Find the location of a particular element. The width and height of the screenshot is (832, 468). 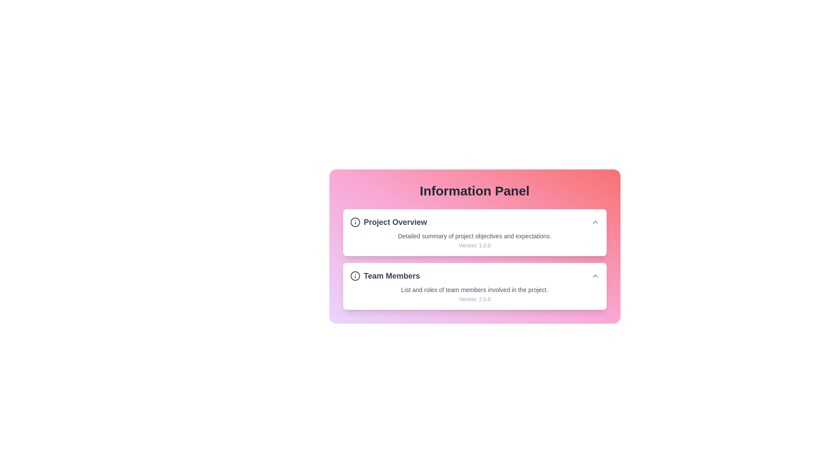

the small upward-pointing chevron icon button located at the far-right of the 'Team Members' section title bar is located at coordinates (595, 276).